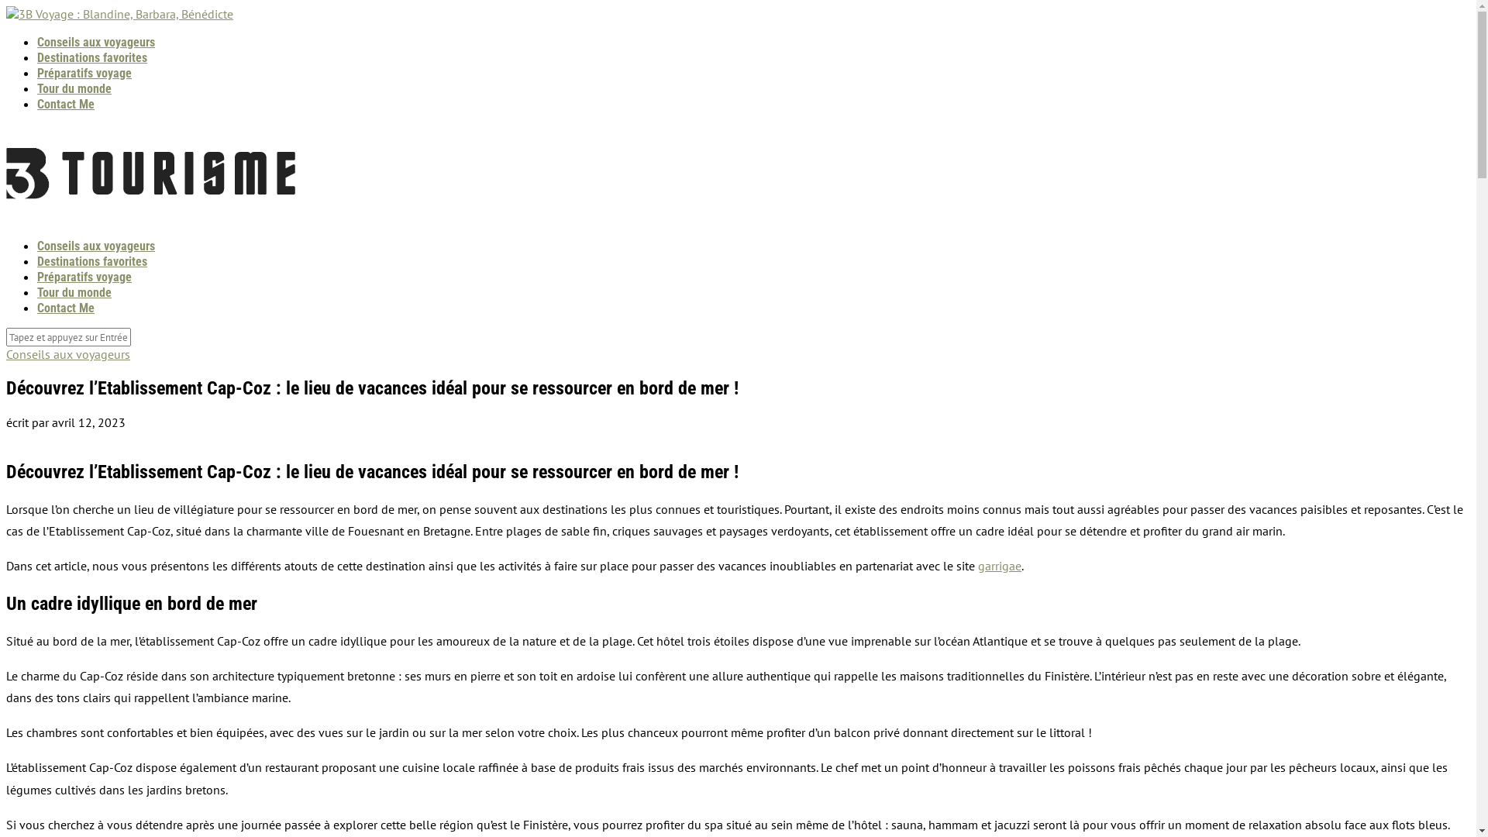  I want to click on 'Conseils aux voyageurs', so click(95, 245).